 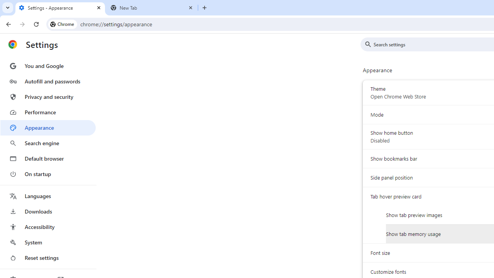 I want to click on 'On startup', so click(x=47, y=174).